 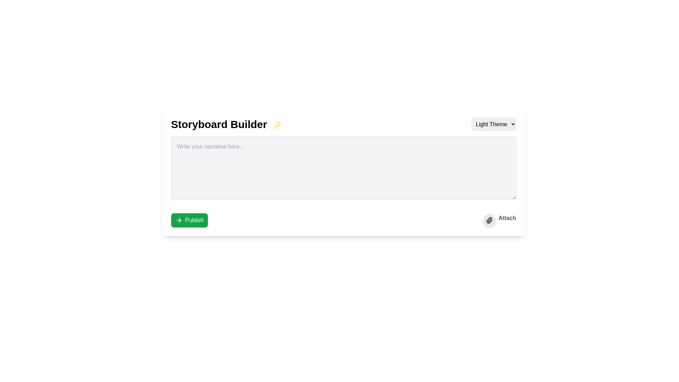 I want to click on the title 'Storyboard Builder' and the wand icon in yellow located at the top of the UI component, so click(x=343, y=124).